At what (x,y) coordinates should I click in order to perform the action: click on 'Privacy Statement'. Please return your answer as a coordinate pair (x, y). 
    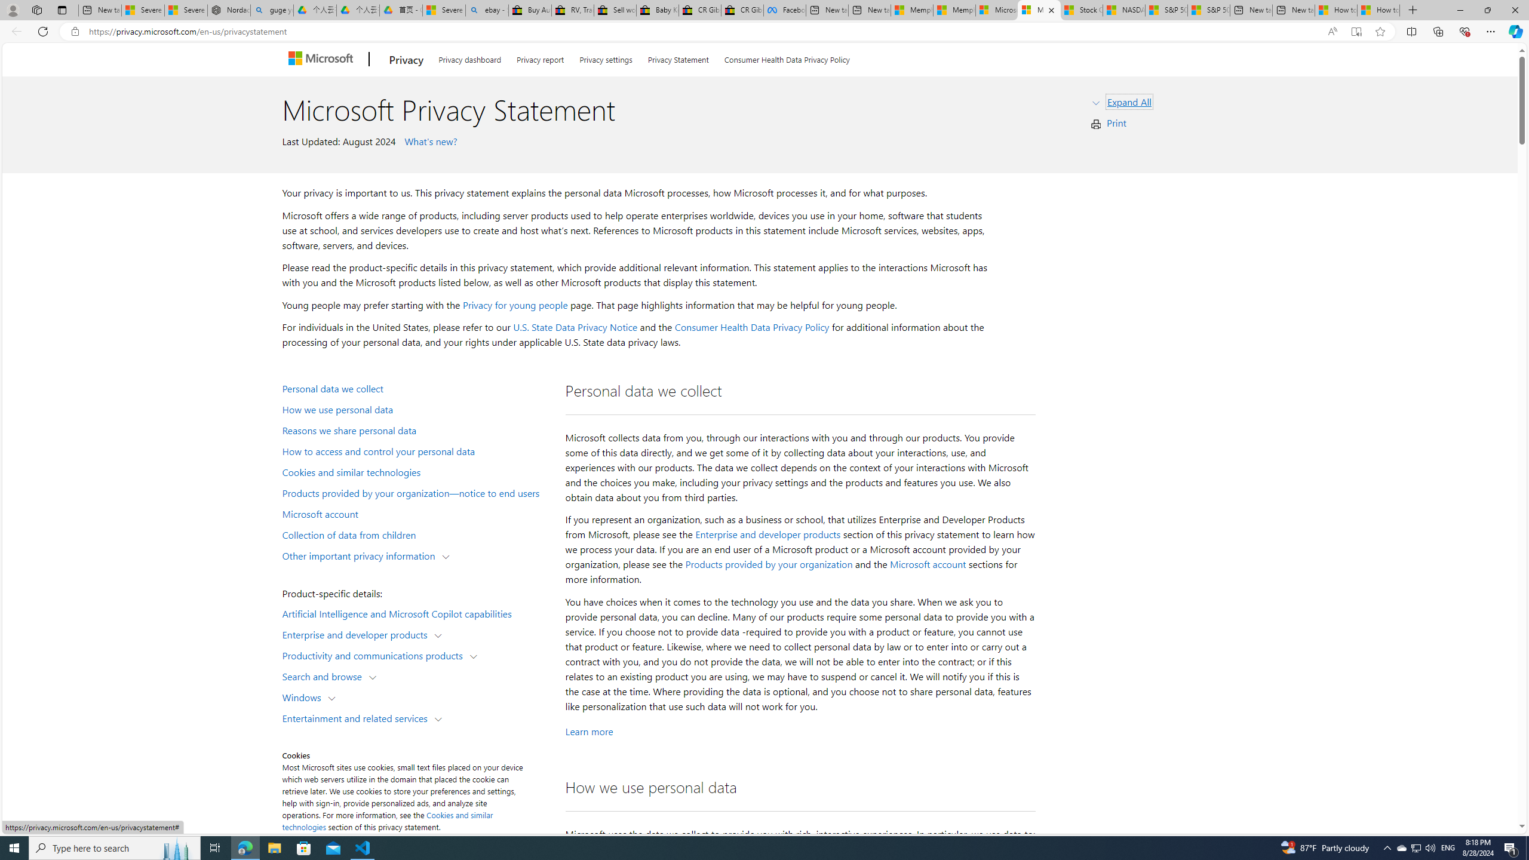
    Looking at the image, I should click on (677, 57).